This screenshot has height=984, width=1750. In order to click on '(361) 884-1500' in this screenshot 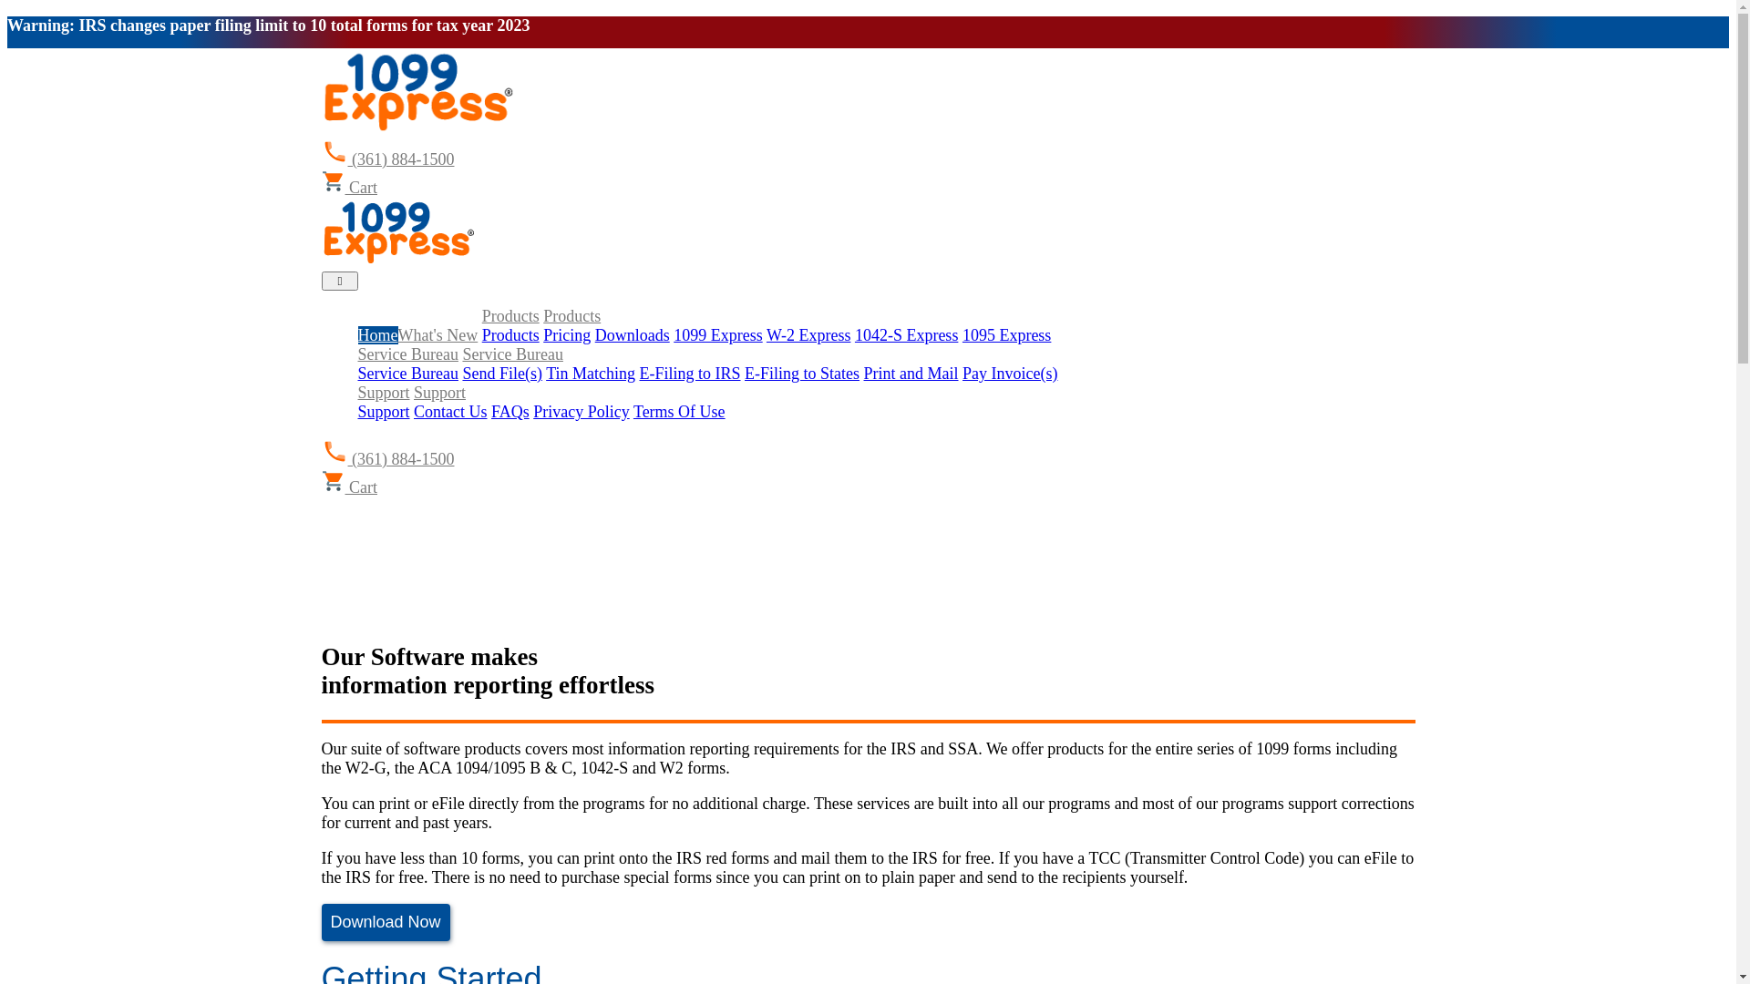, I will do `click(386, 158)`.